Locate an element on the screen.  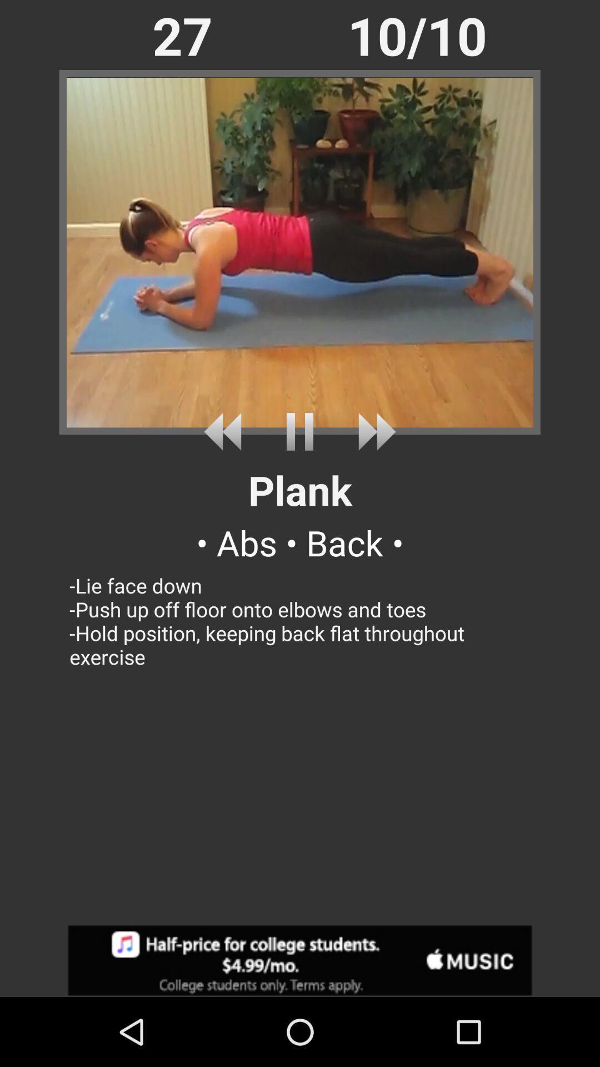
adsence is located at coordinates (300, 960).